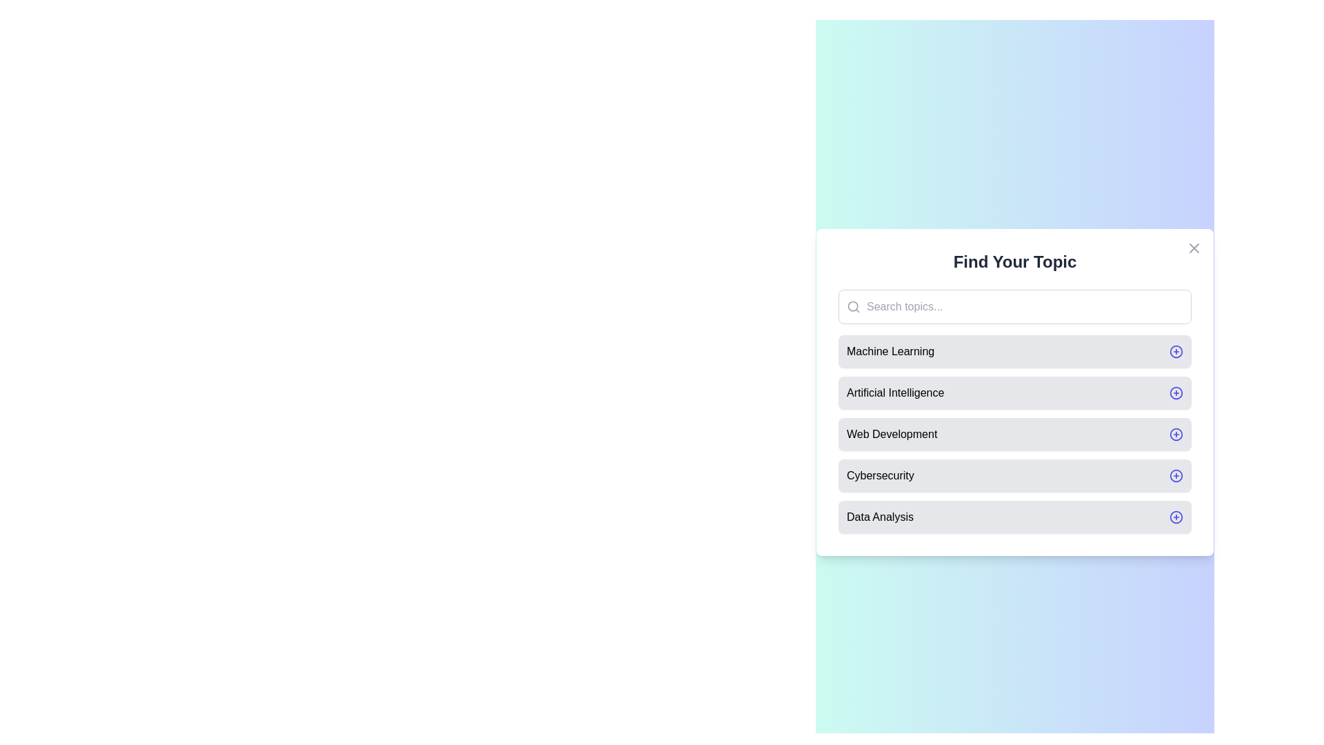 This screenshot has width=1324, height=745. I want to click on the topic Artificial Intelligence from the list, so click(1015, 393).